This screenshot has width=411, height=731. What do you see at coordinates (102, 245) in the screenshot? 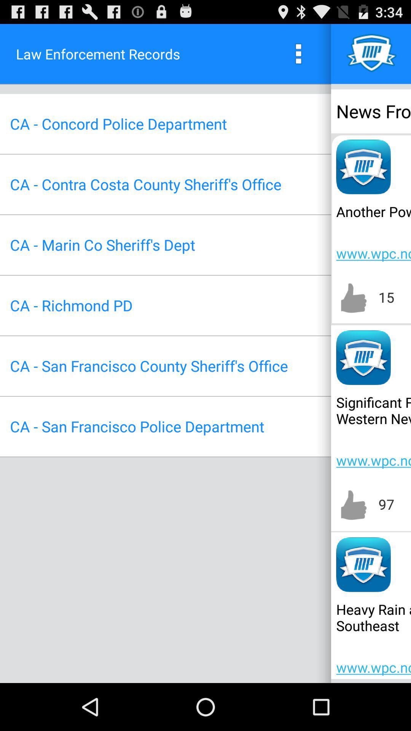
I see `the ca marin co app` at bounding box center [102, 245].